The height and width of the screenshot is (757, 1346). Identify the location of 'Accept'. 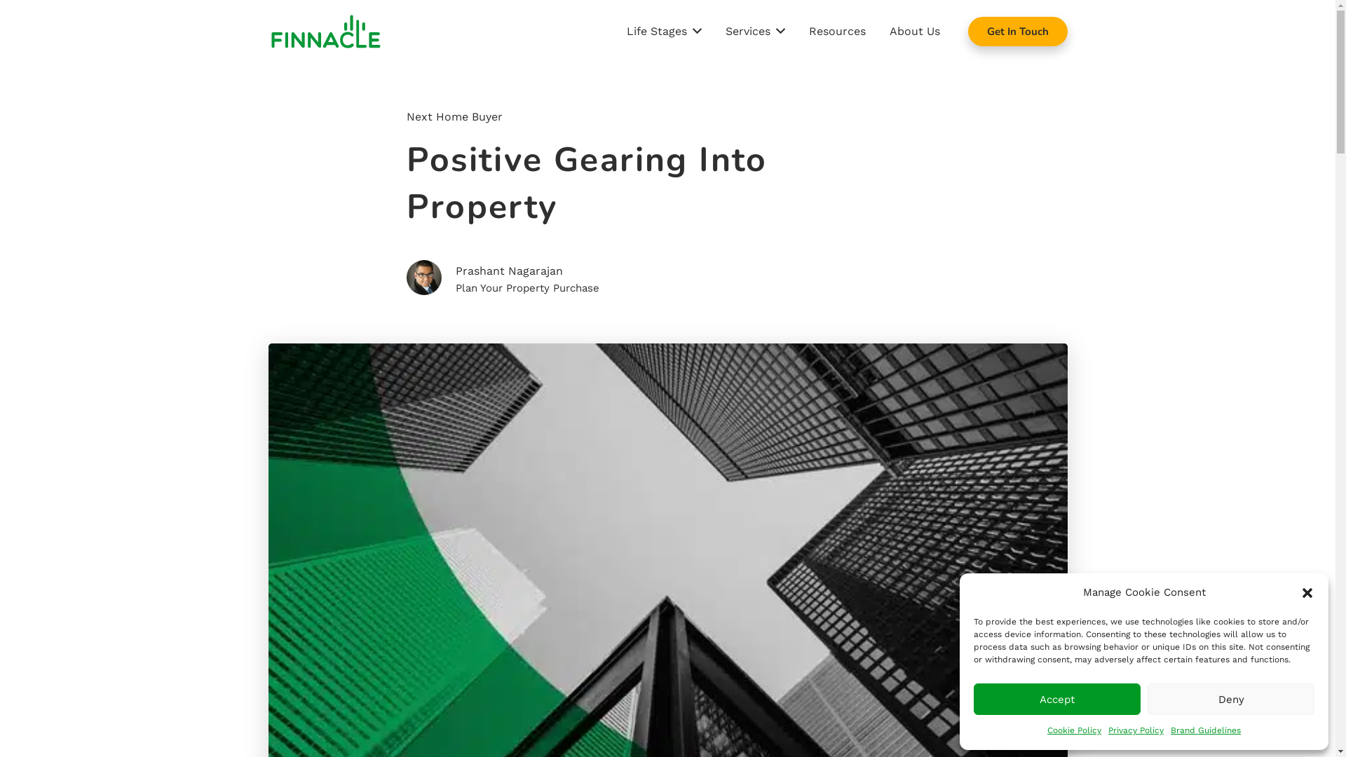
(1056, 699).